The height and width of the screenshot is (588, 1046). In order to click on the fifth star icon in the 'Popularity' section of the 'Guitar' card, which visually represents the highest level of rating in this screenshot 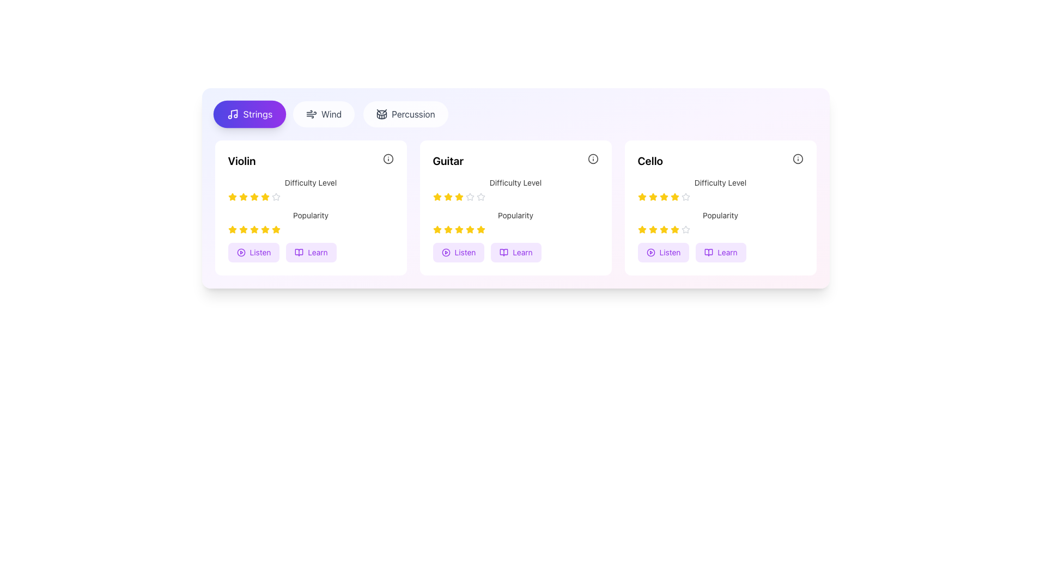, I will do `click(437, 229)`.